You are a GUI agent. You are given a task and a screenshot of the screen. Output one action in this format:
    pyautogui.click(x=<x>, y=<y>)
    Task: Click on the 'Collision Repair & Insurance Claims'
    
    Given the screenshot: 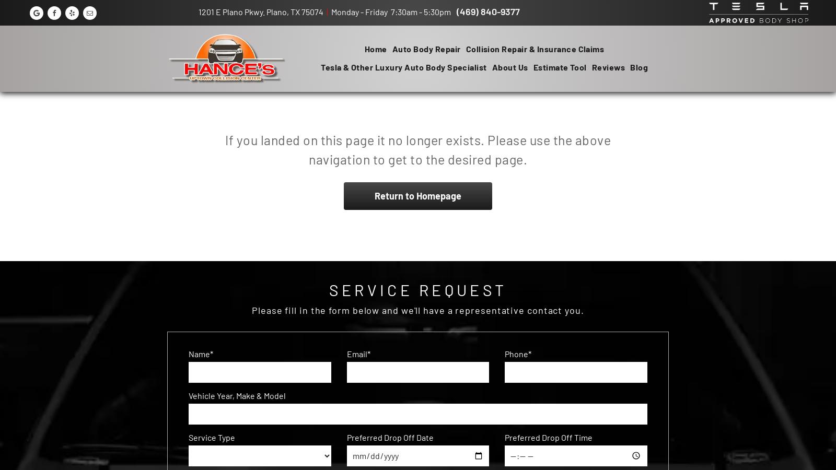 What is the action you would take?
    pyautogui.click(x=535, y=48)
    